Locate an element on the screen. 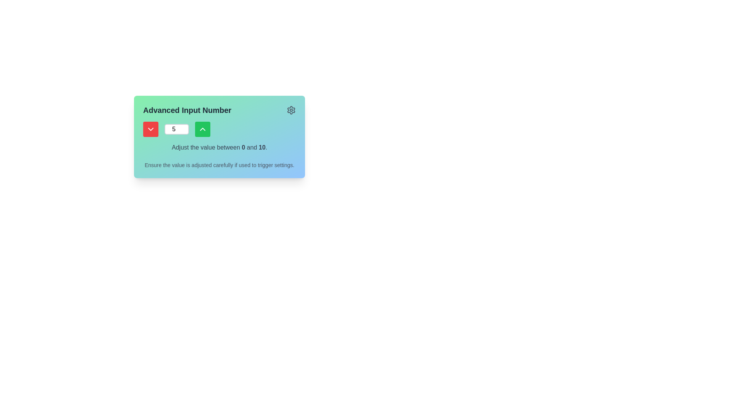  the gear-shaped icon button located in the upper-right corner of the 'Advanced Input Number' panel is located at coordinates (291, 110).